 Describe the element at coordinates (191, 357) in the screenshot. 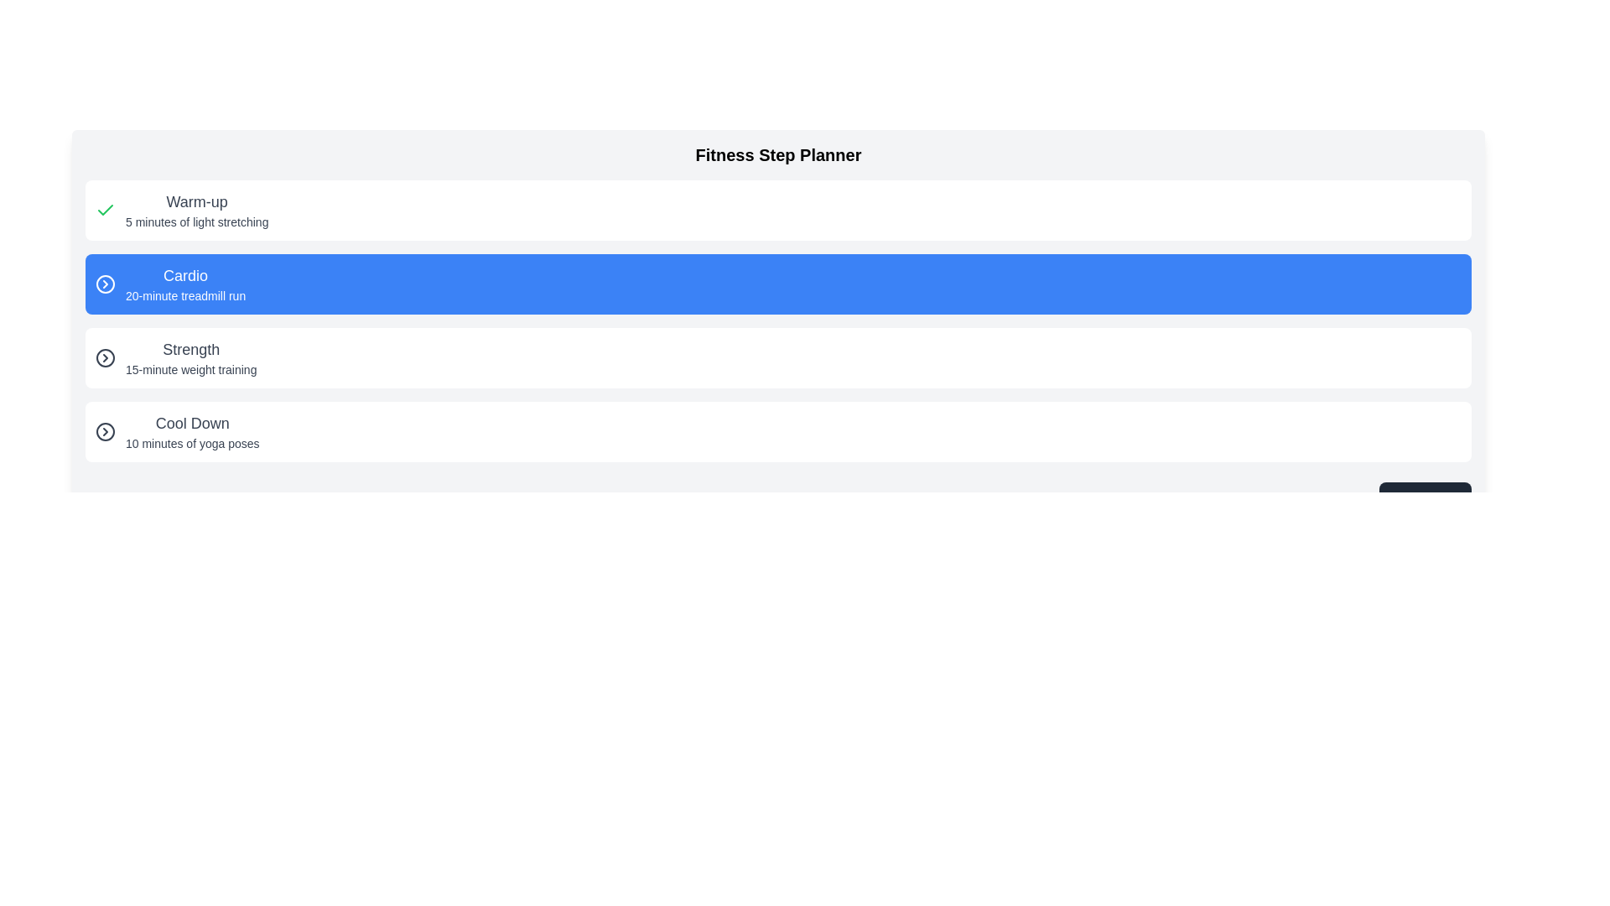

I see `descriptive label text that states 'Strength' and '15-minute weight training', positioned within a fitness steps list, located between 'Cardio' and 'Cool Down'` at that location.